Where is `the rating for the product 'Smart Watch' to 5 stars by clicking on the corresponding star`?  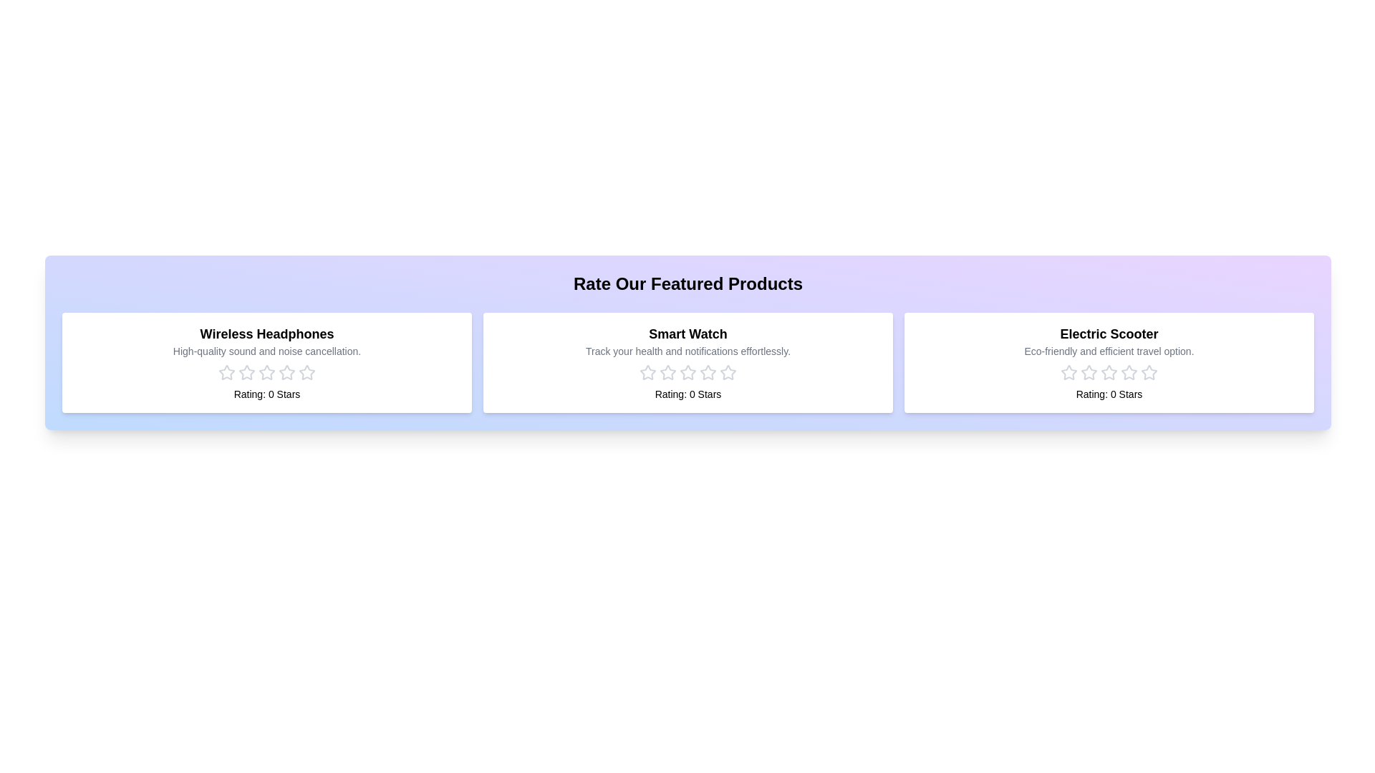
the rating for the product 'Smart Watch' to 5 stars by clicking on the corresponding star is located at coordinates (728, 371).